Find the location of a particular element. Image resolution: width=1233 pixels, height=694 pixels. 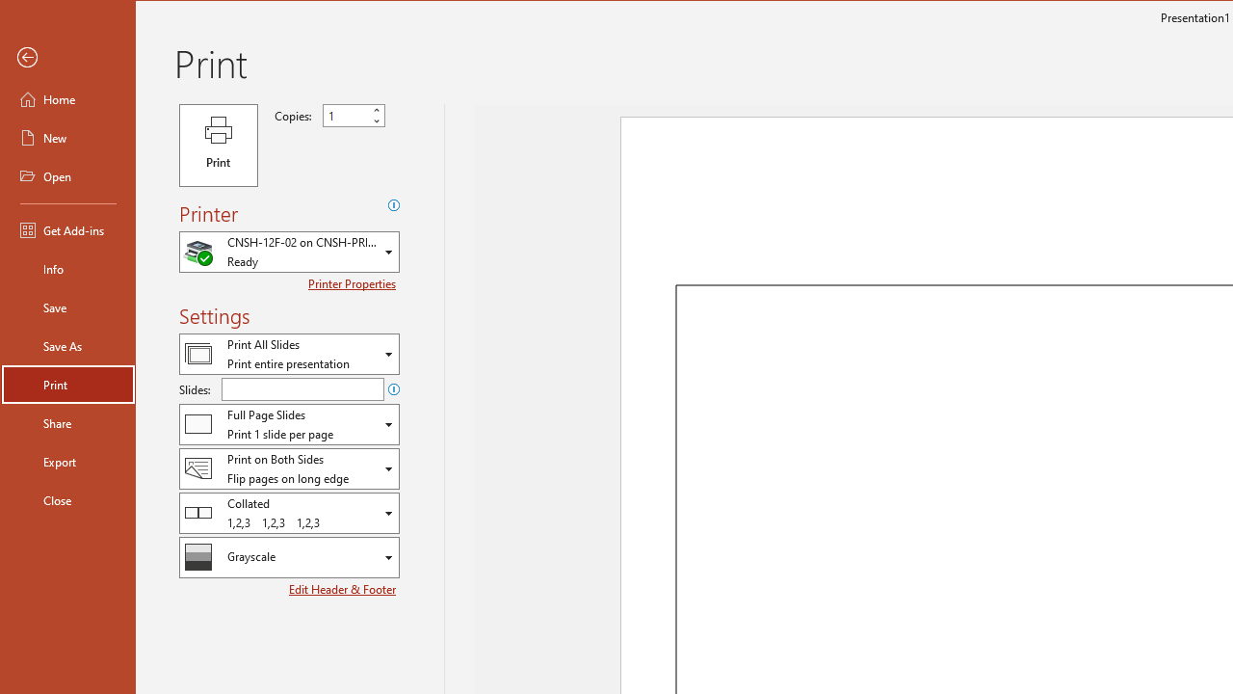

'Get Add-ins' is located at coordinates (68, 229).